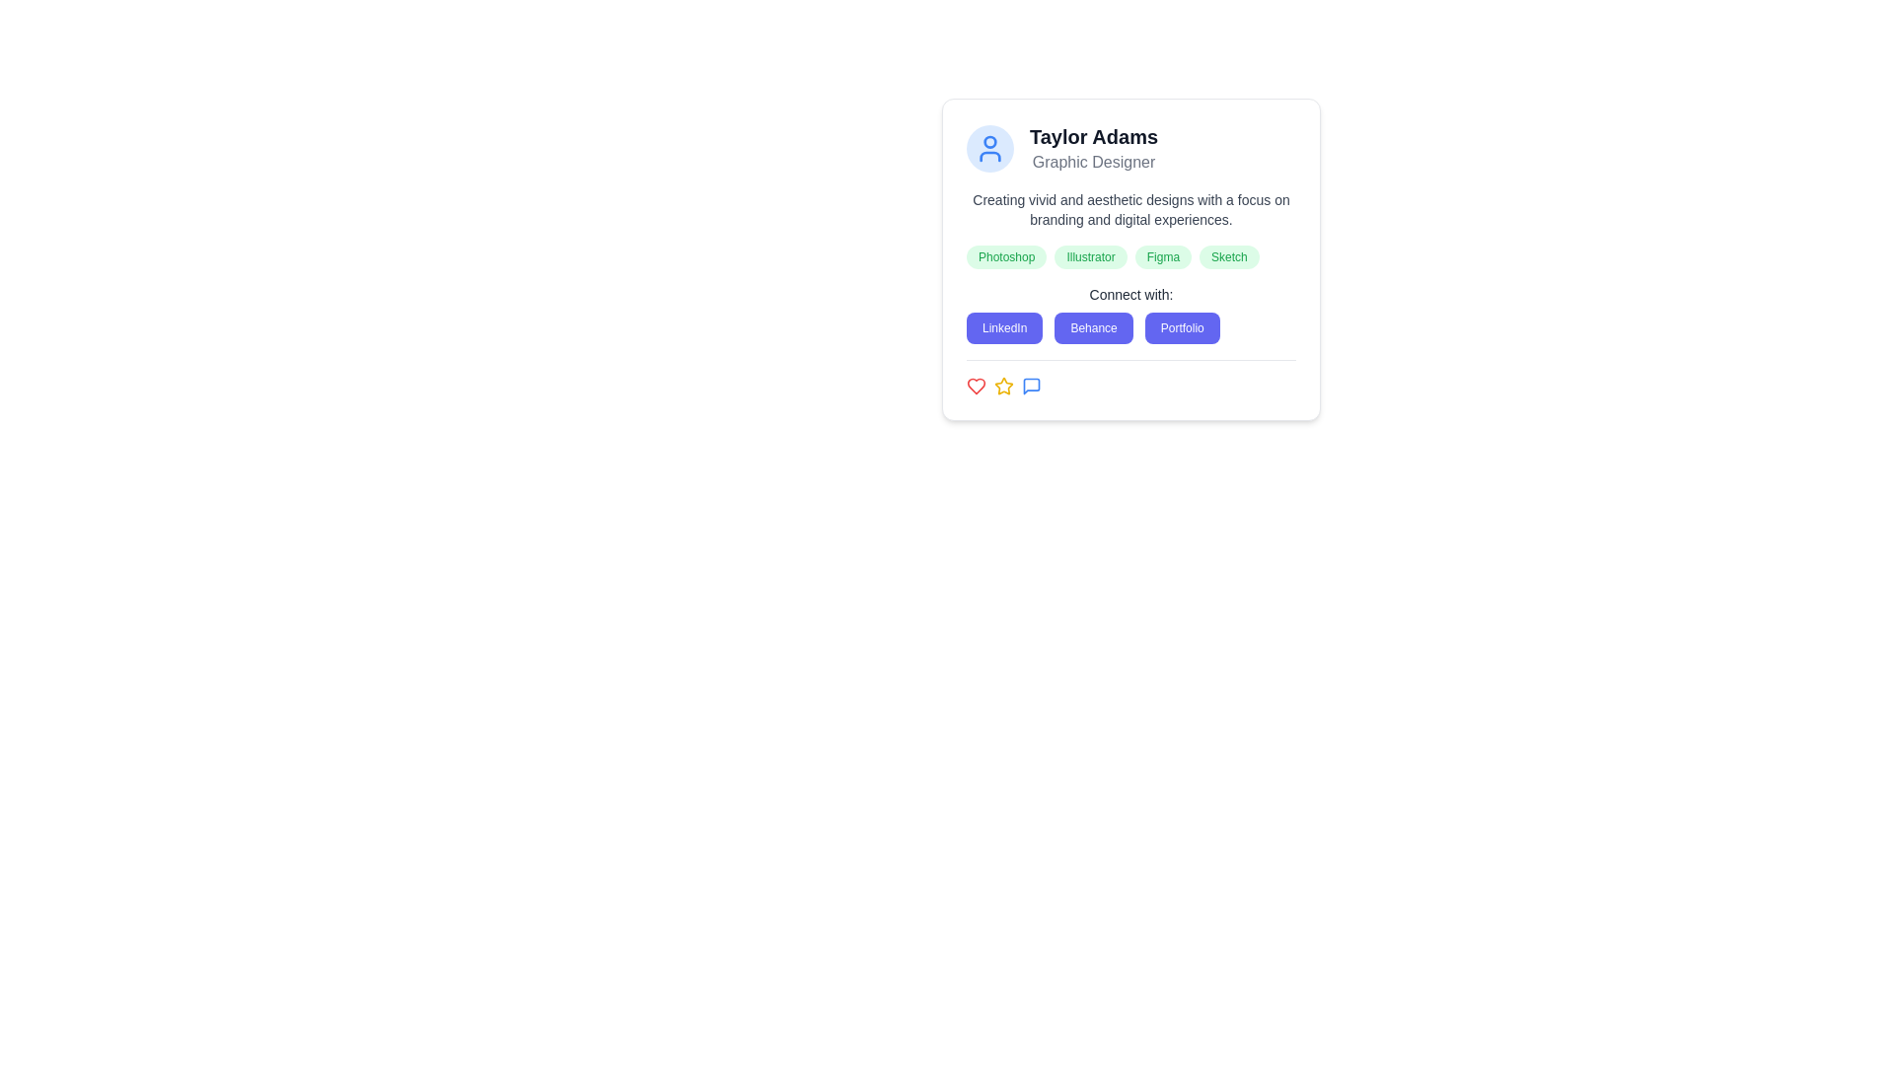  What do you see at coordinates (1092, 326) in the screenshot?
I see `the second button labeled 'Behance' in the group of three buttons` at bounding box center [1092, 326].